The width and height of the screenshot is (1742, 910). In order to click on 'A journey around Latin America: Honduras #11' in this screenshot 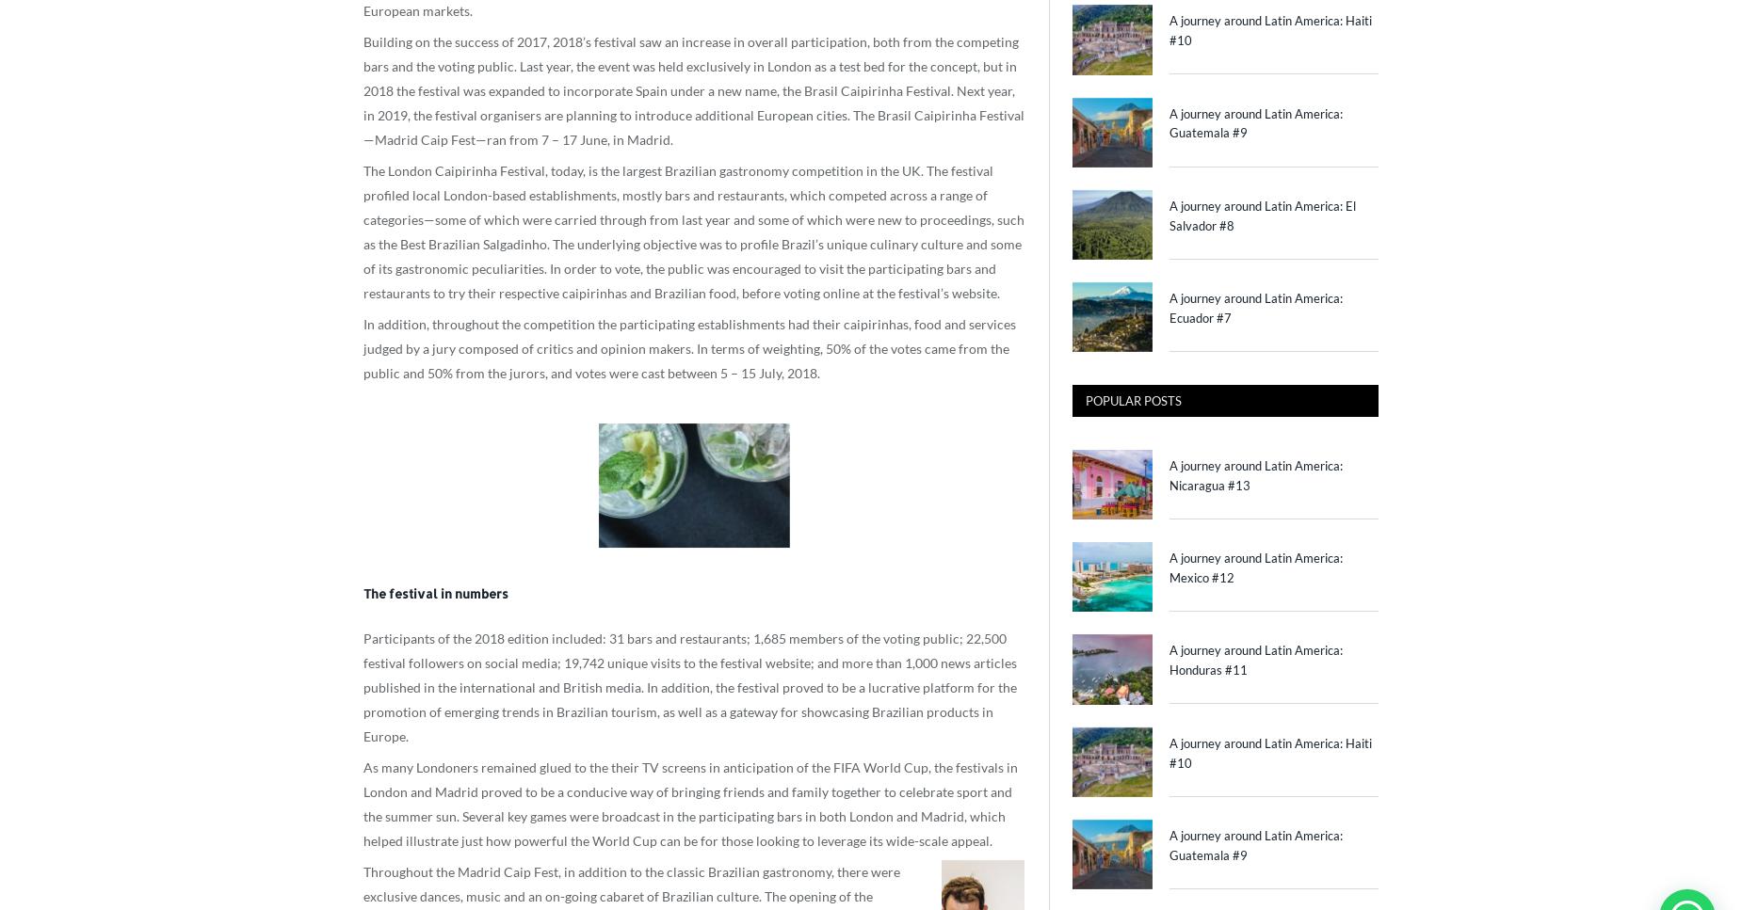, I will do `click(1255, 660)`.